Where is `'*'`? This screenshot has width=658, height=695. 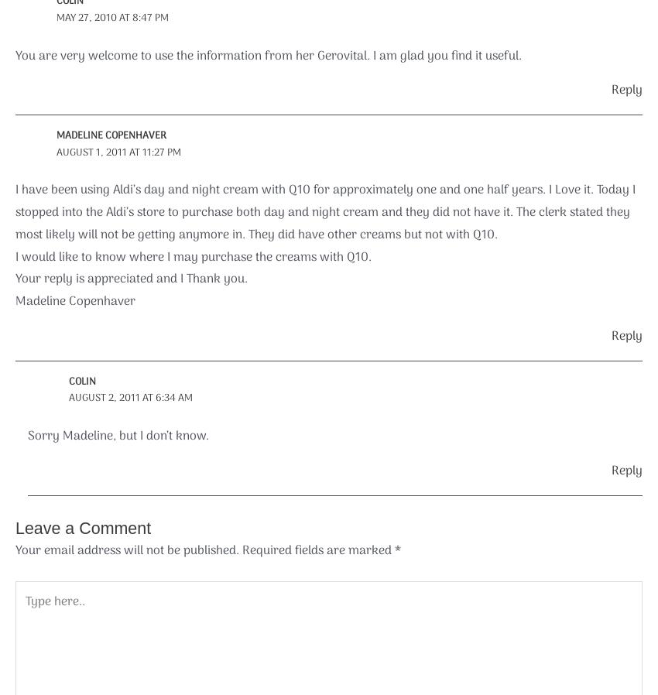
'*' is located at coordinates (395, 550).